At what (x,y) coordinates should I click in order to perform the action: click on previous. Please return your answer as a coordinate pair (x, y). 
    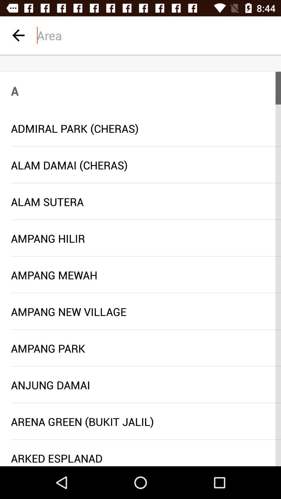
    Looking at the image, I should click on (18, 35).